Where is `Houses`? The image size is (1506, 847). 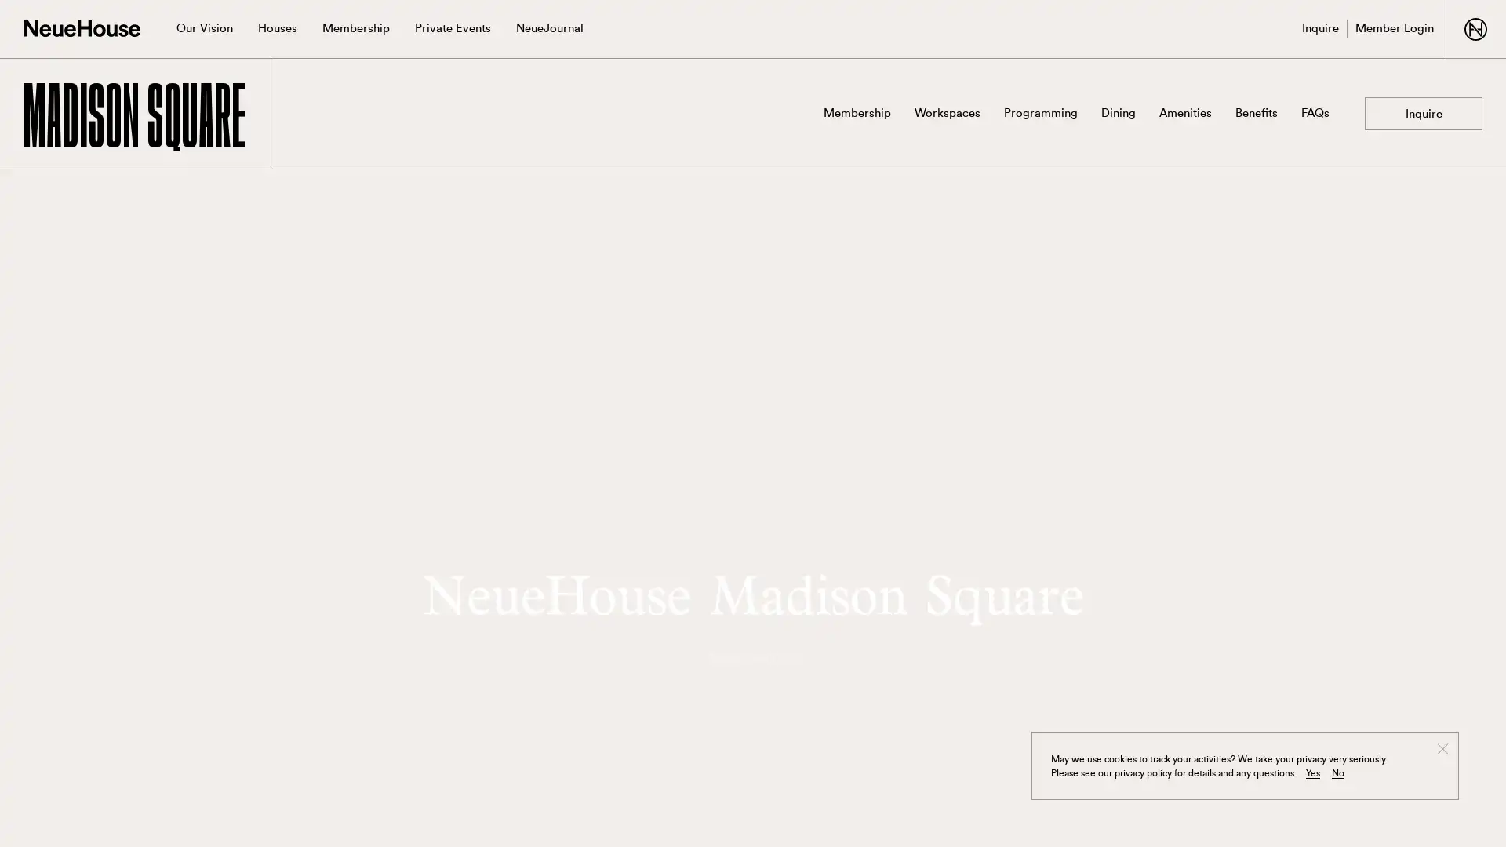
Houses is located at coordinates (278, 29).